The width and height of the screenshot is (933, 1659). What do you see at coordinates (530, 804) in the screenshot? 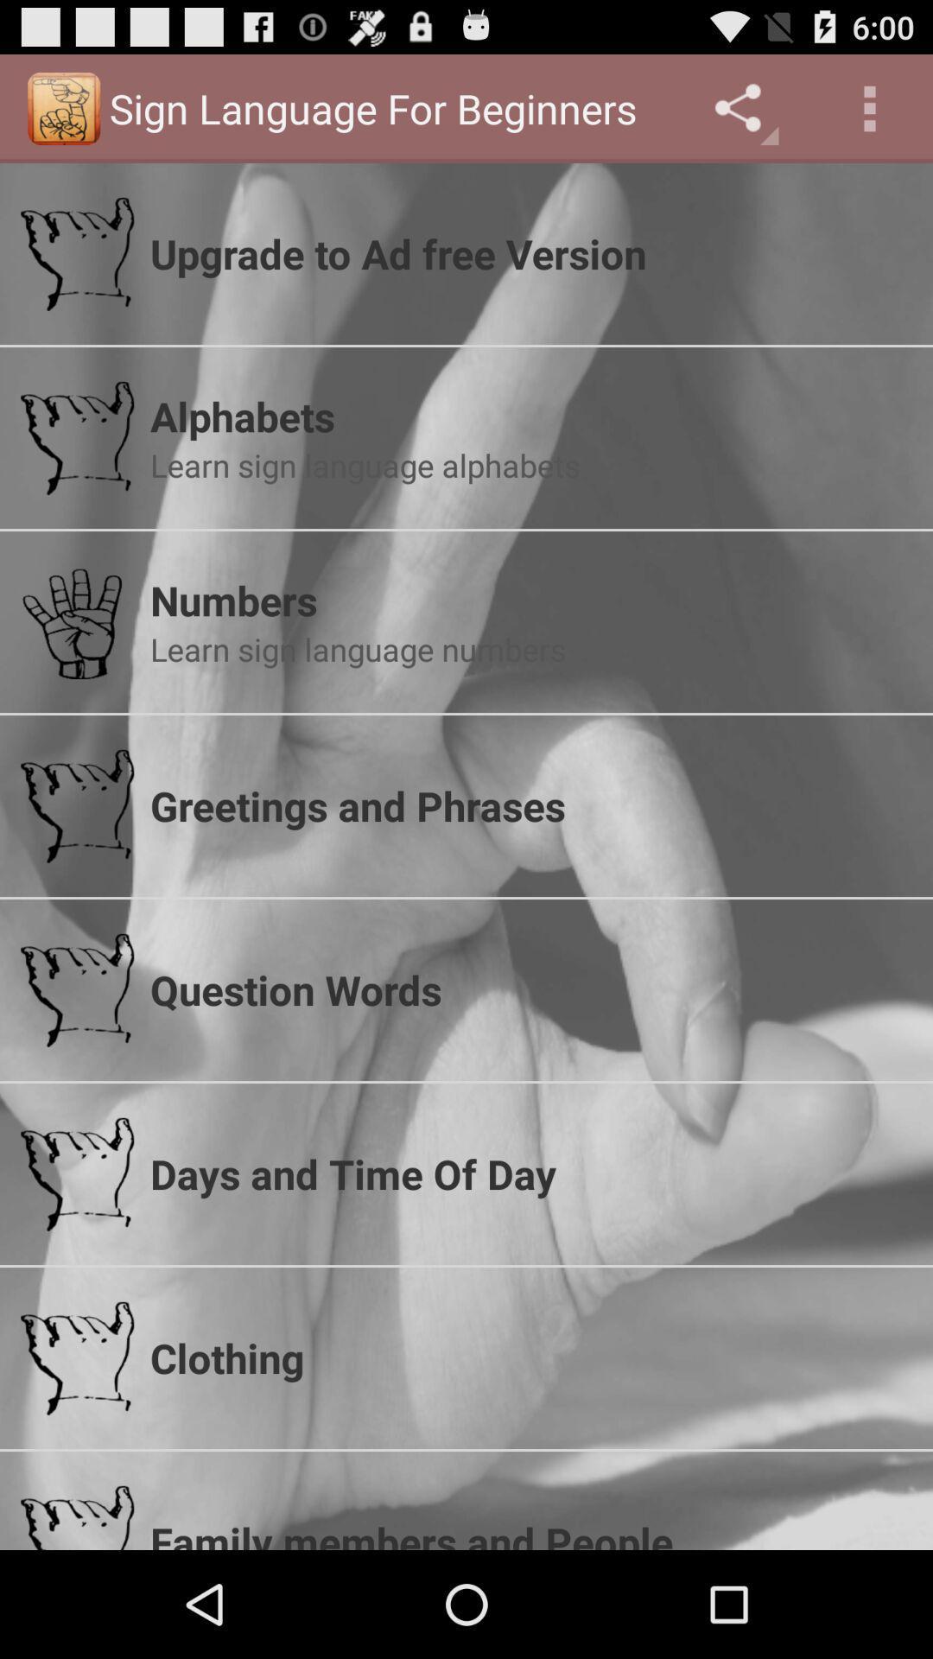
I see `the item below learn sign language item` at bounding box center [530, 804].